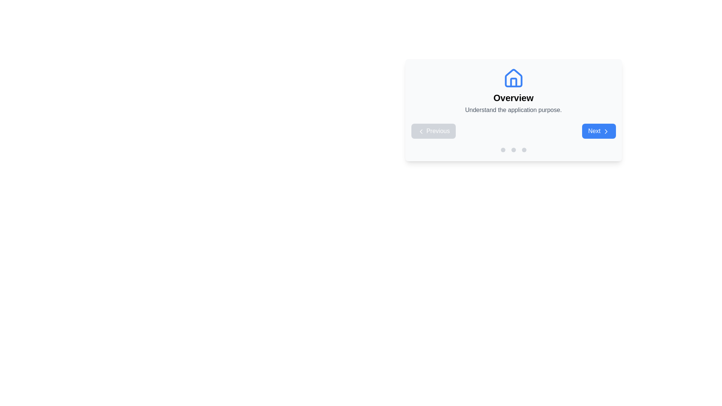 The height and width of the screenshot is (406, 722). What do you see at coordinates (523, 150) in the screenshot?
I see `the third circular indicator for steps or progress, which represents the last state in a multi-step process` at bounding box center [523, 150].